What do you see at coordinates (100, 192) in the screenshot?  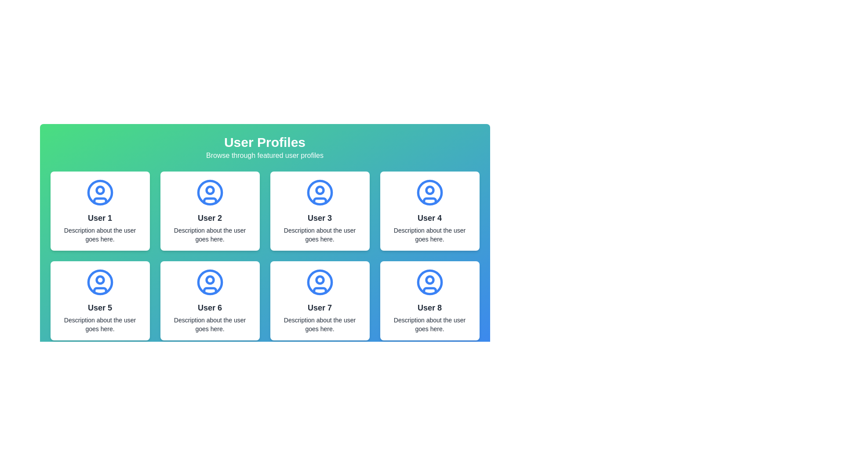 I see `the user profile icon representing 'User 1' located in the top-left corner of the profile card, above the 'User 1' label` at bounding box center [100, 192].